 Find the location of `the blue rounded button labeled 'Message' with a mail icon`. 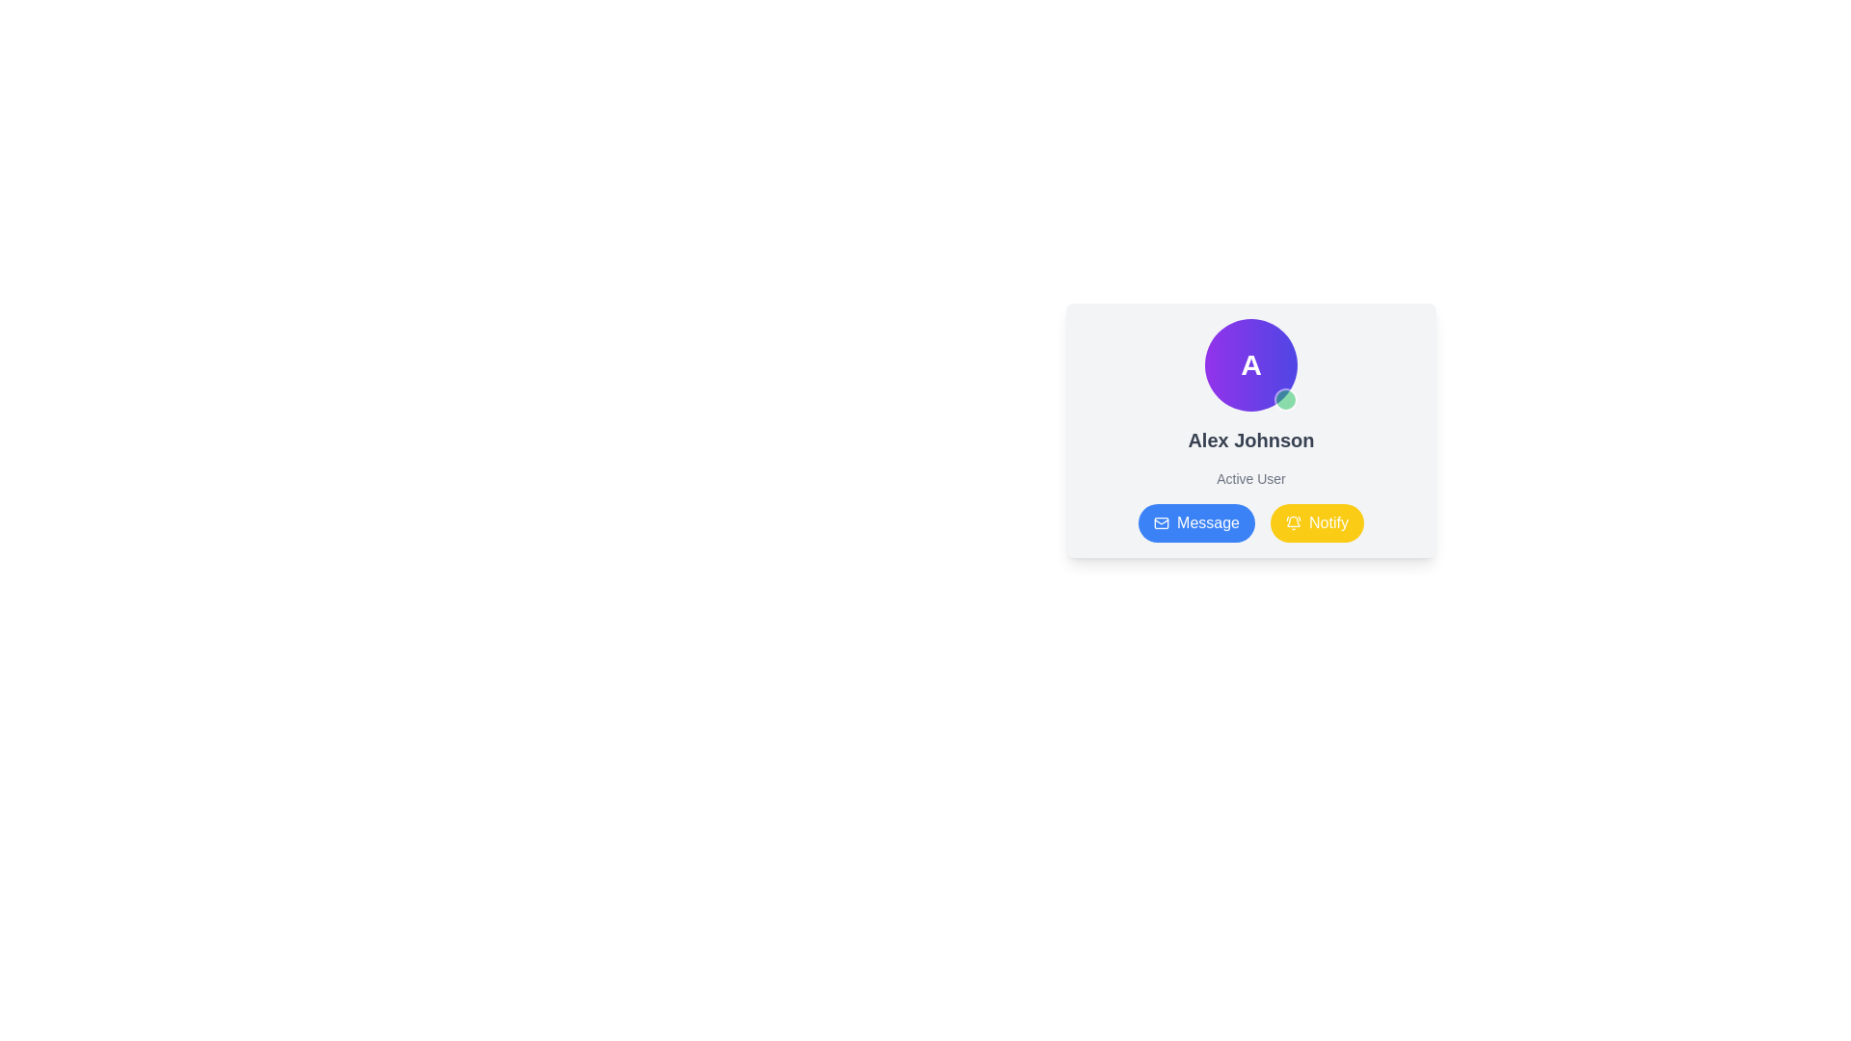

the blue rounded button labeled 'Message' with a mail icon is located at coordinates (1195, 523).